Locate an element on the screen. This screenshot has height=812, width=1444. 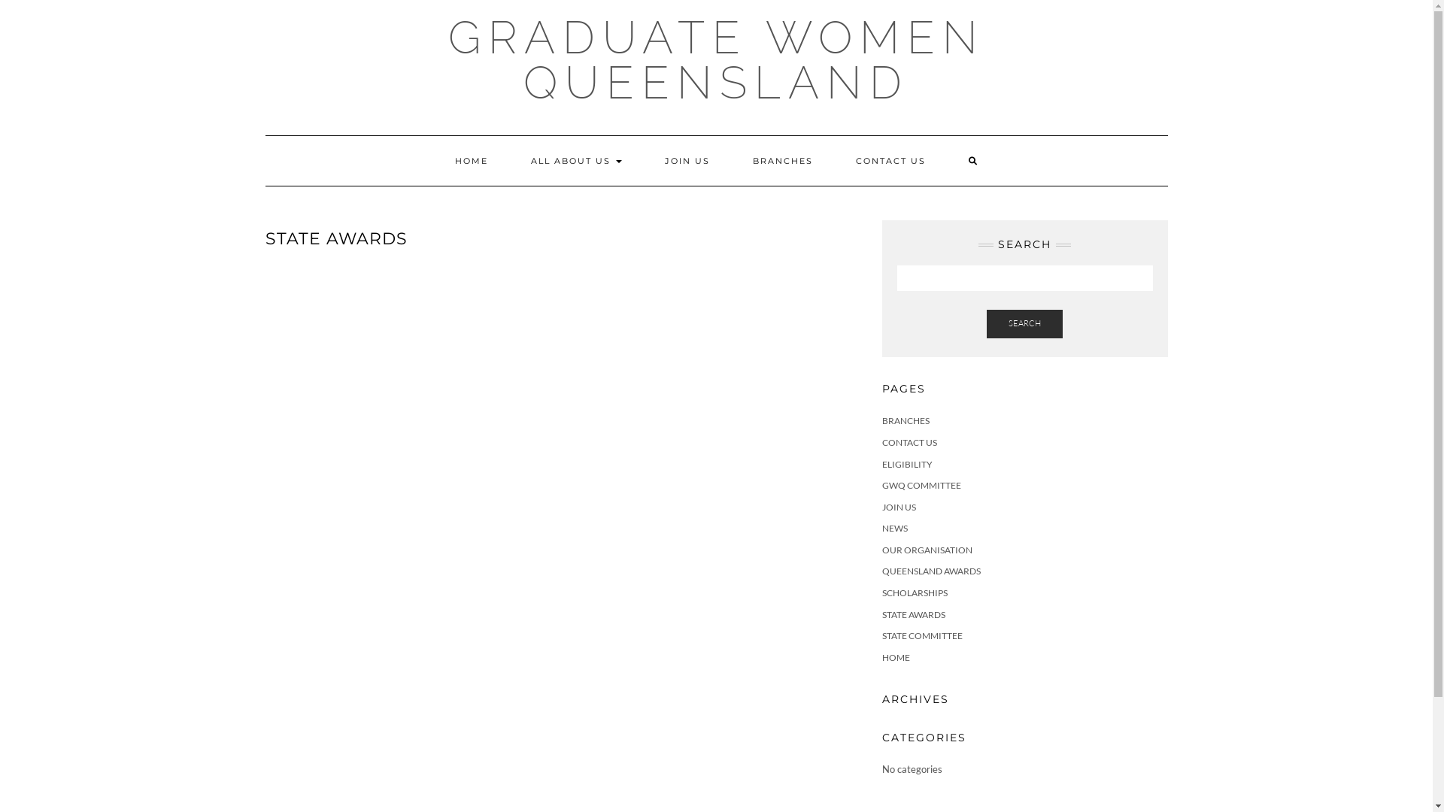
'JOIN US' is located at coordinates (898, 507).